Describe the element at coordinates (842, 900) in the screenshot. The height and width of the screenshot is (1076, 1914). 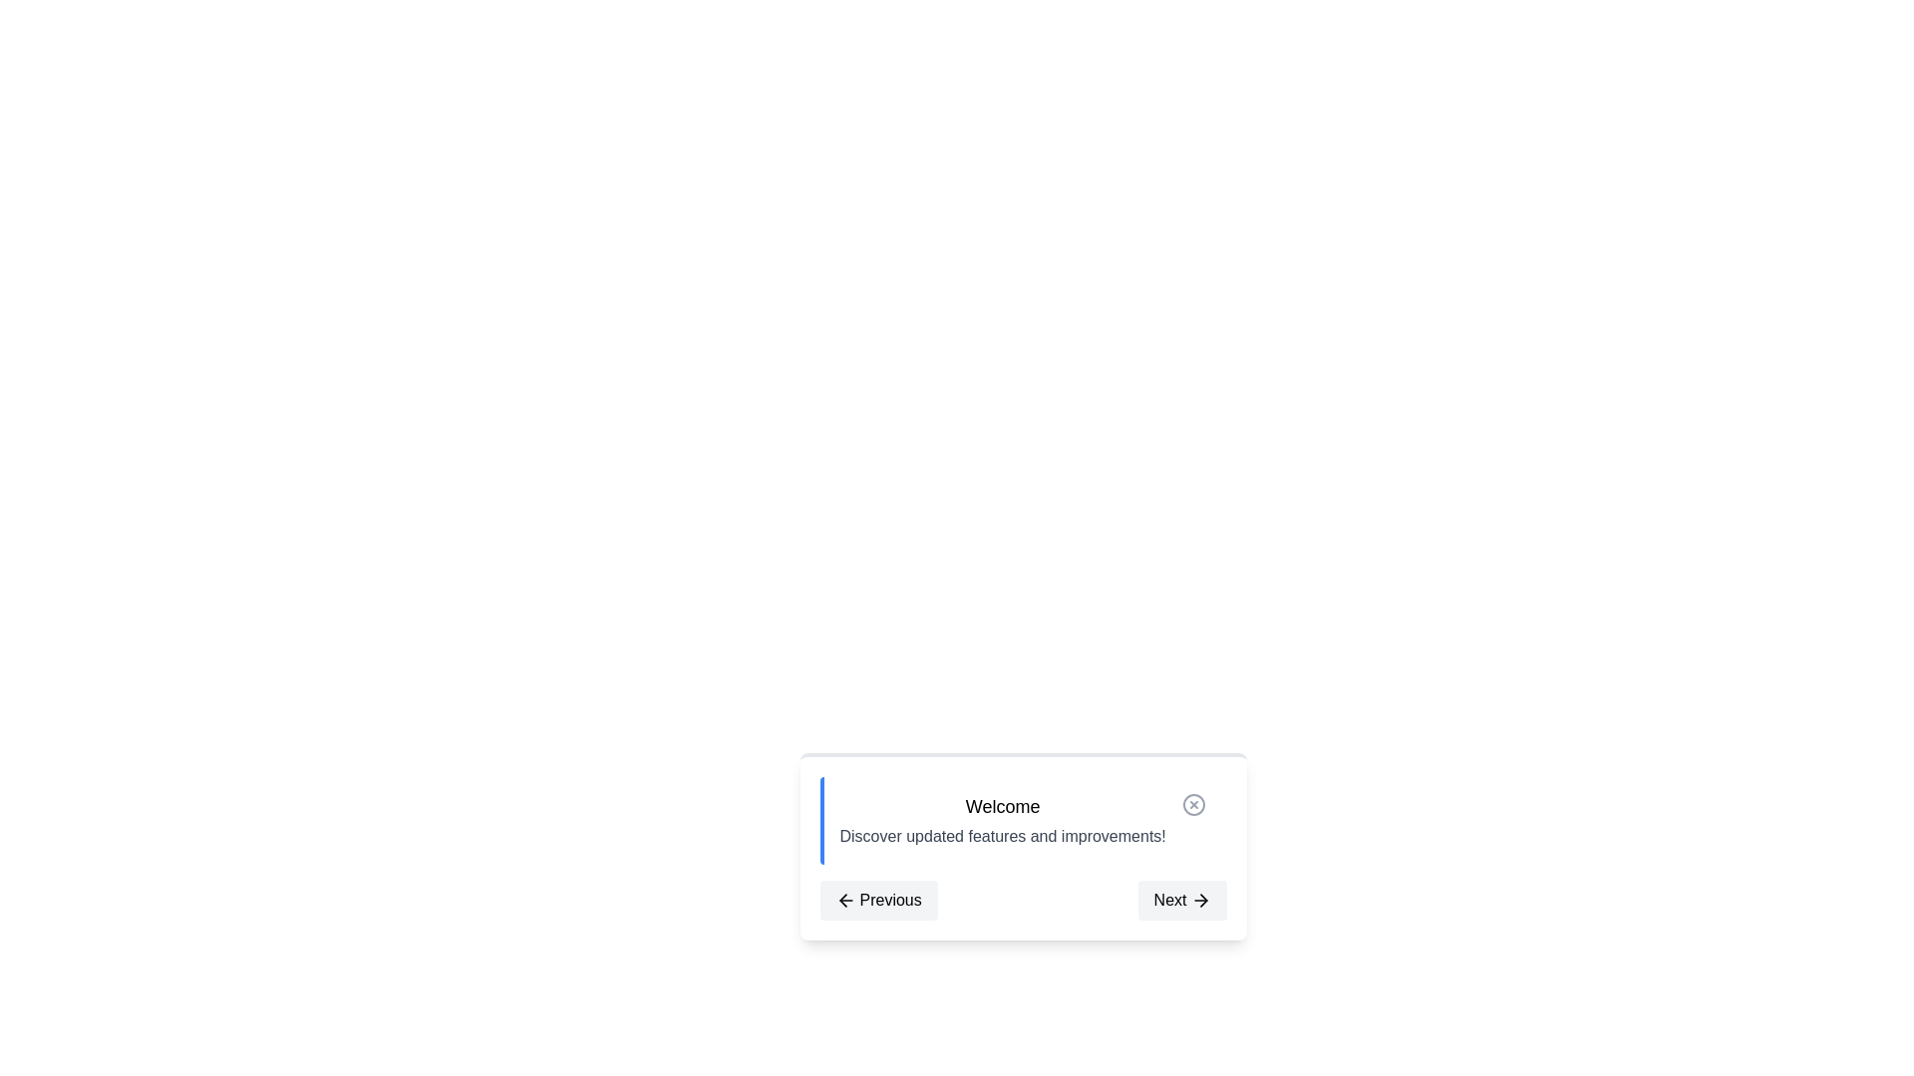
I see `the leftward-pointing arrowhead graphic component within the SVG icon located near the left end of the 'Previous' button on the control panel` at that location.